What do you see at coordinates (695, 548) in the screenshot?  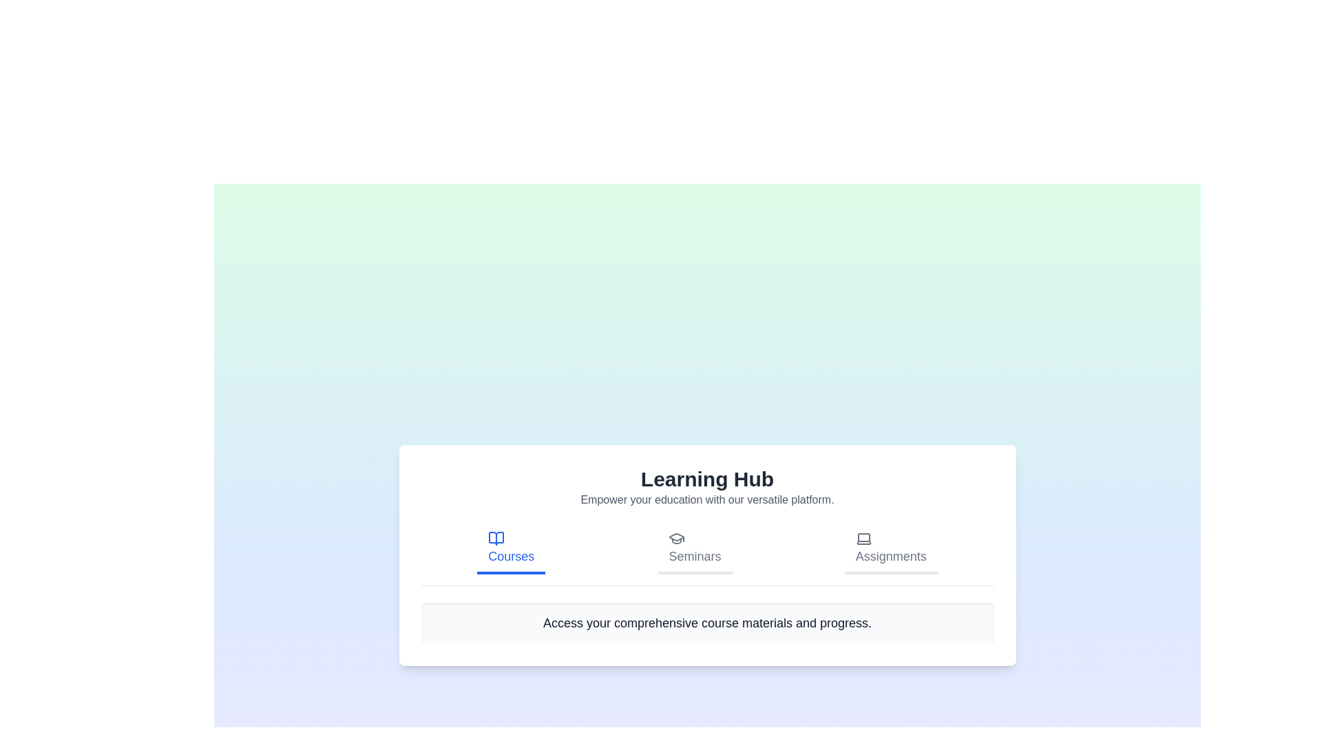 I see `the navigation link or button directing to the Seminars section, located between Courses and Assignments under the Learning Hub heading` at bounding box center [695, 548].